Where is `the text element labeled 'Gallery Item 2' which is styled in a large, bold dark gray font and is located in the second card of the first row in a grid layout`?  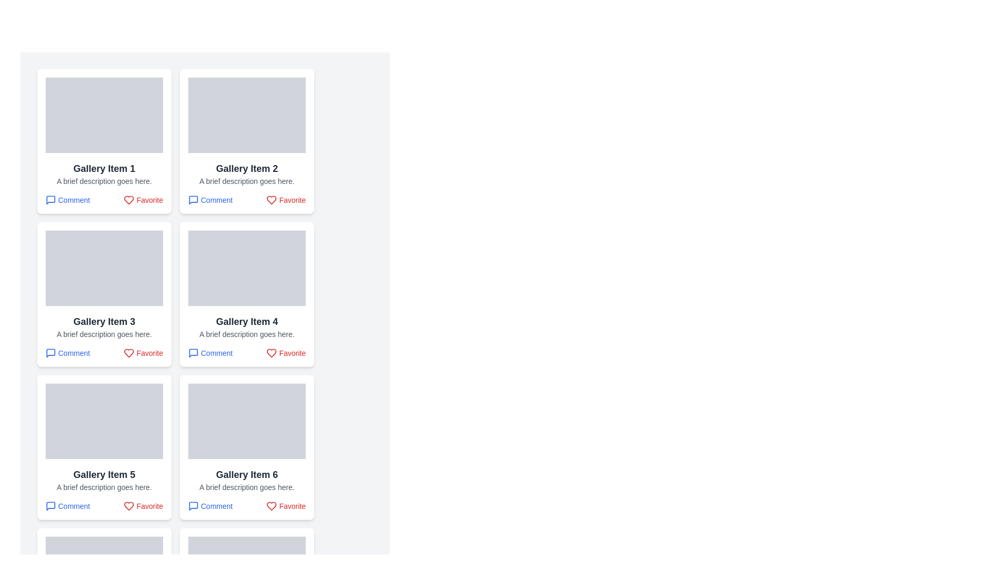
the text element labeled 'Gallery Item 2' which is styled in a large, bold dark gray font and is located in the second card of the first row in a grid layout is located at coordinates (246, 168).